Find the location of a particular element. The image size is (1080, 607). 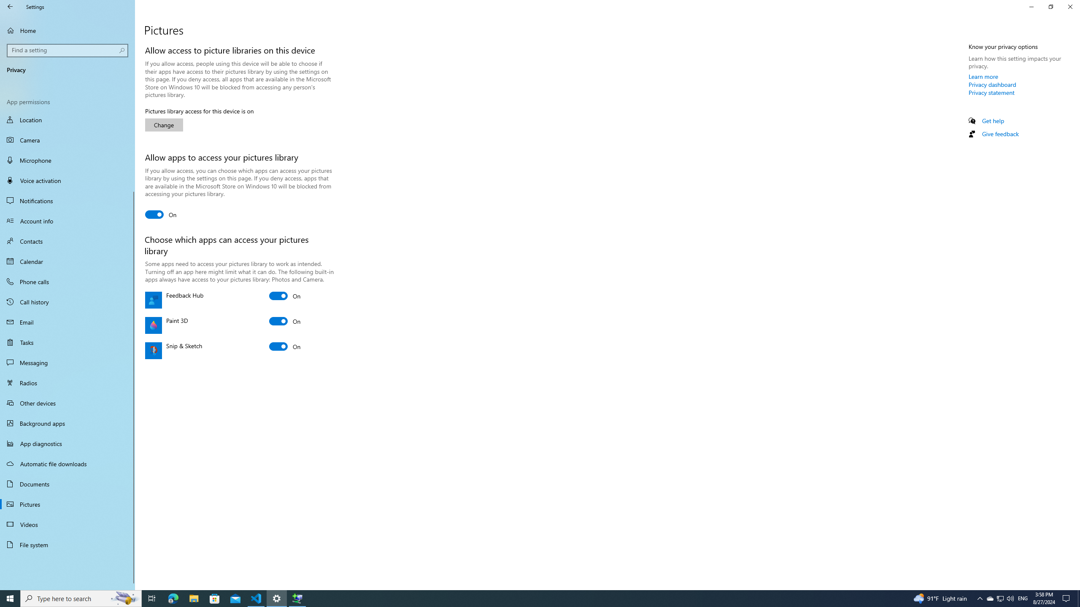

'Phone calls' is located at coordinates (67, 281).